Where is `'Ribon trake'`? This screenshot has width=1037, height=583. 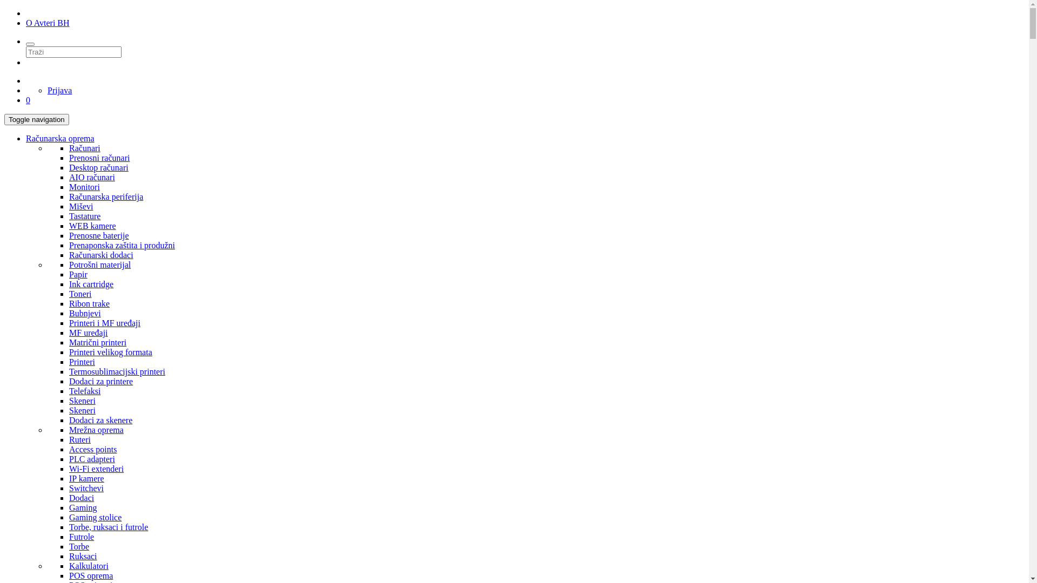 'Ribon trake' is located at coordinates (89, 303).